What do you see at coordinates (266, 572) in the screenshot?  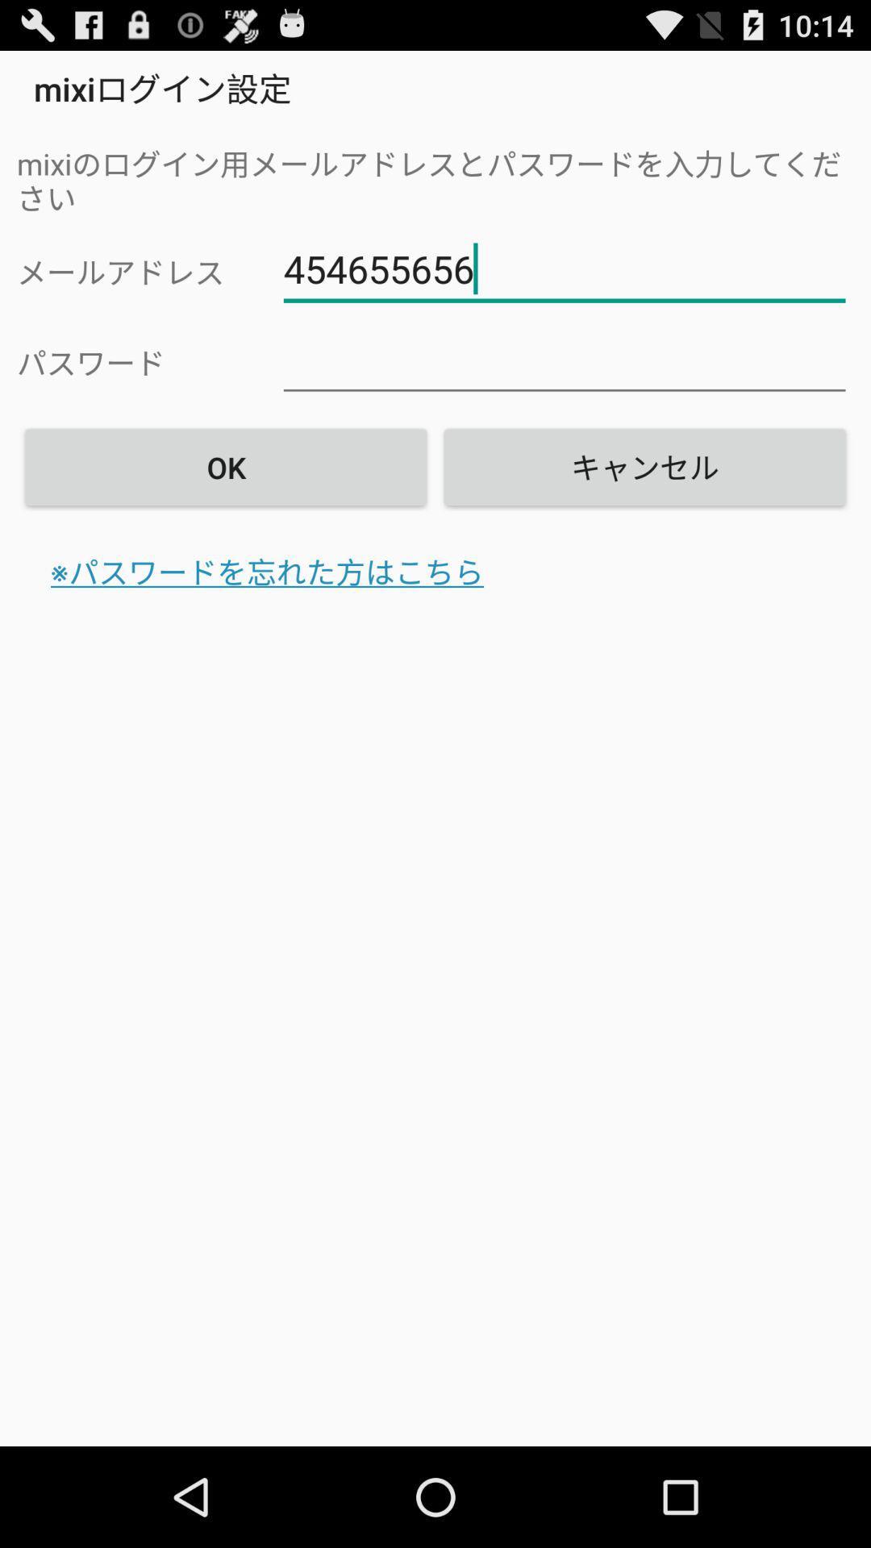 I see `icon below ok` at bounding box center [266, 572].